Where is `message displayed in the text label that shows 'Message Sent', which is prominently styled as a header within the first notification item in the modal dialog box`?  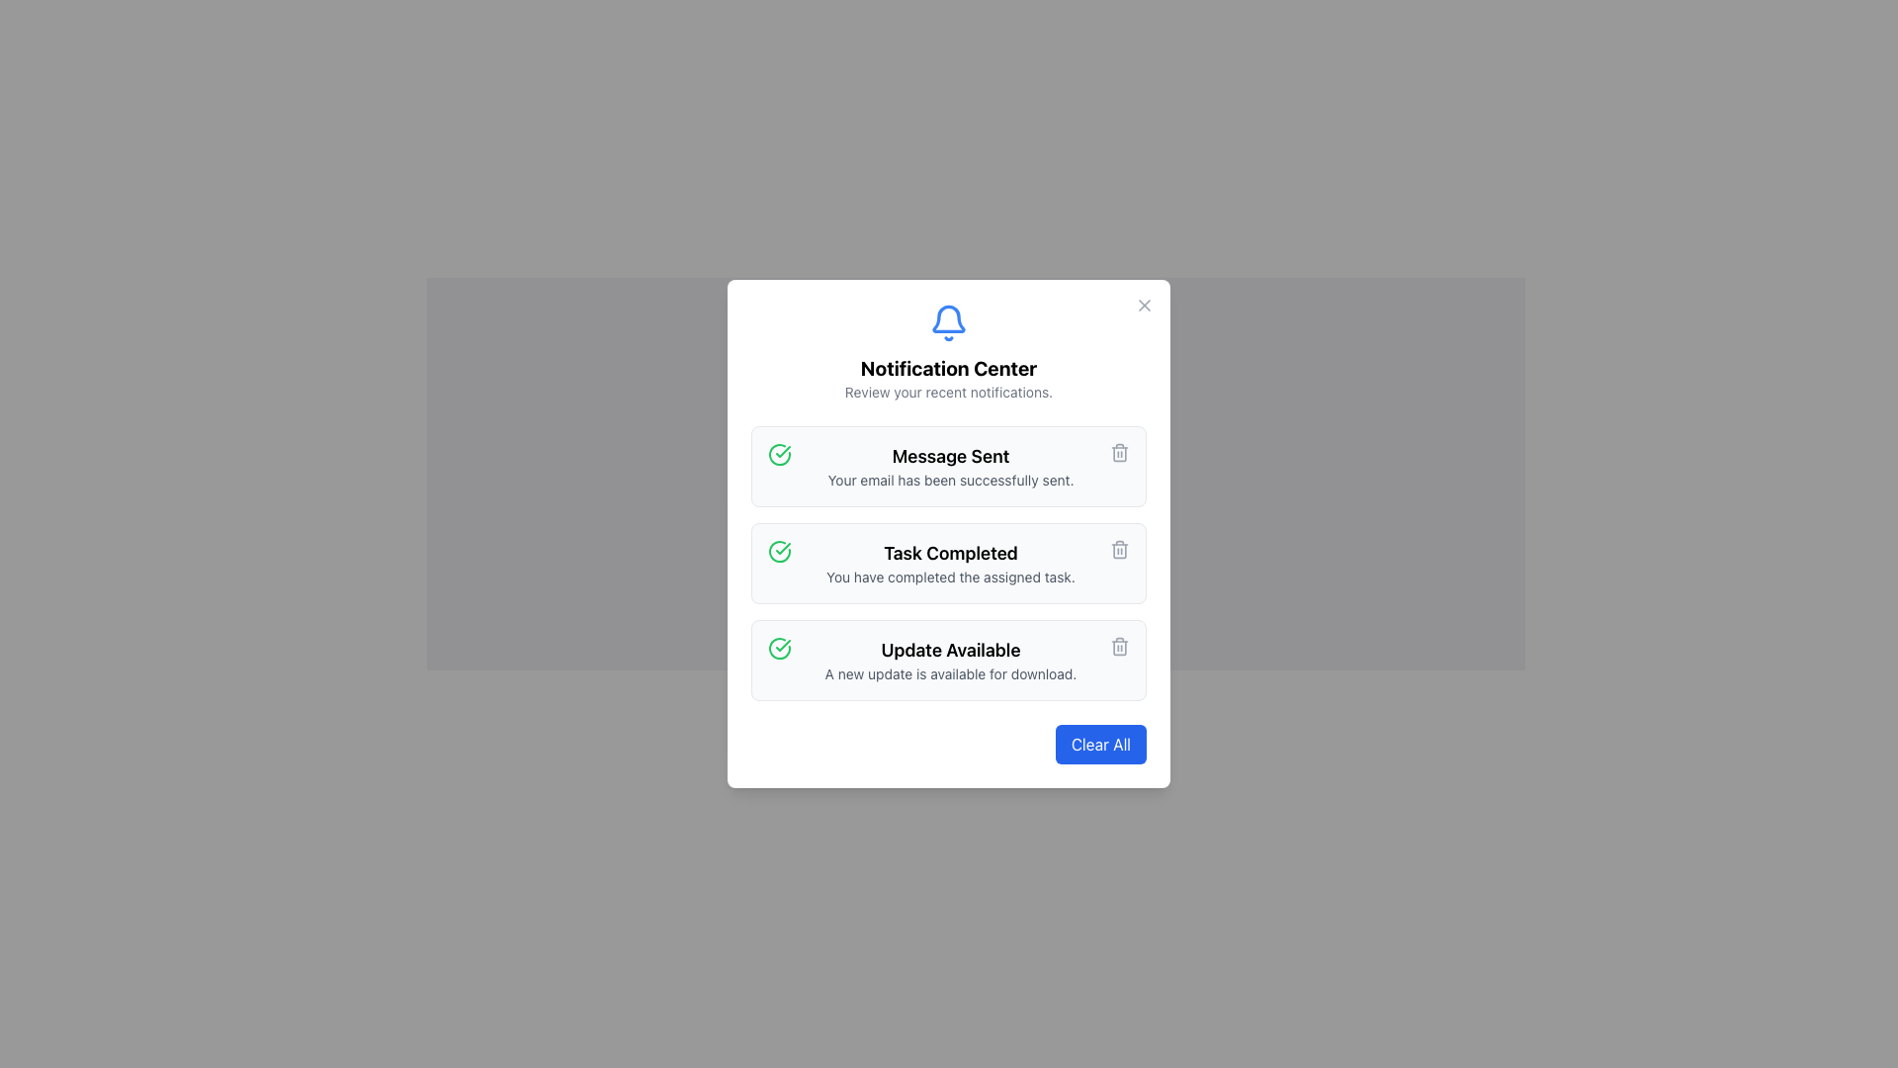
message displayed in the text label that shows 'Message Sent', which is prominently styled as a header within the first notification item in the modal dialog box is located at coordinates (950, 457).